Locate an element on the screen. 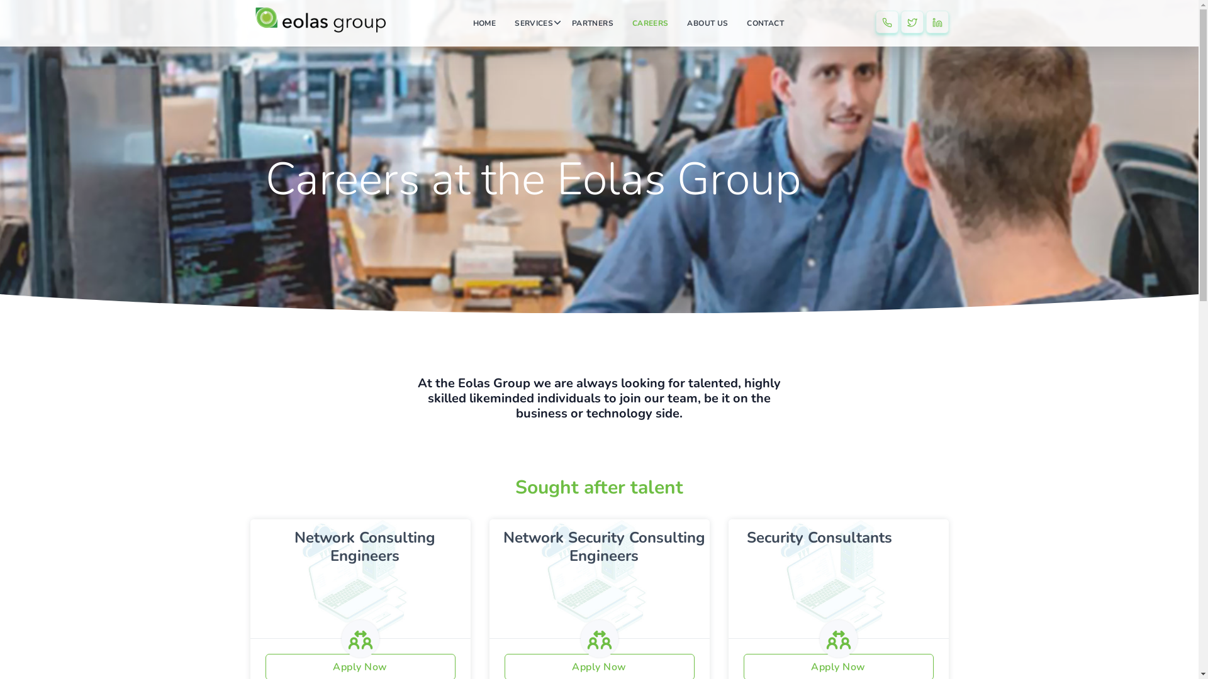 This screenshot has height=679, width=1208. 'Network Consulting Engineers' is located at coordinates (293, 546).